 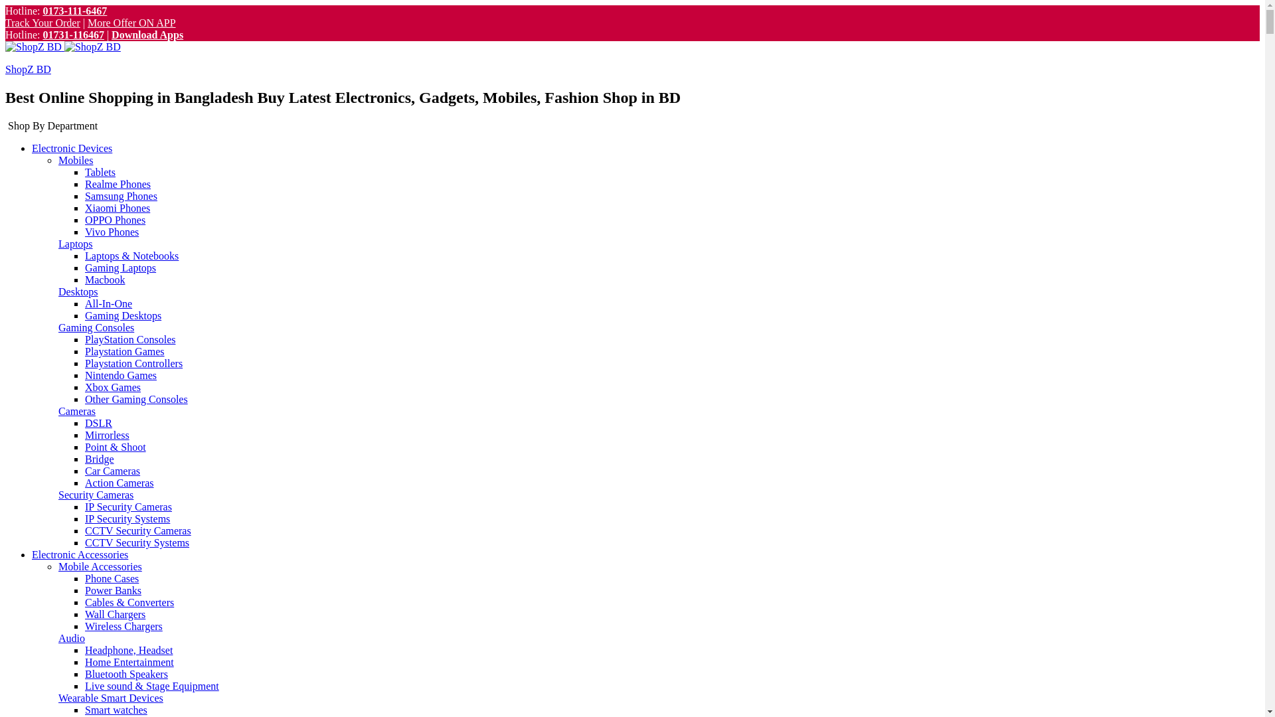 What do you see at coordinates (129, 662) in the screenshot?
I see `'Home Entertainment'` at bounding box center [129, 662].